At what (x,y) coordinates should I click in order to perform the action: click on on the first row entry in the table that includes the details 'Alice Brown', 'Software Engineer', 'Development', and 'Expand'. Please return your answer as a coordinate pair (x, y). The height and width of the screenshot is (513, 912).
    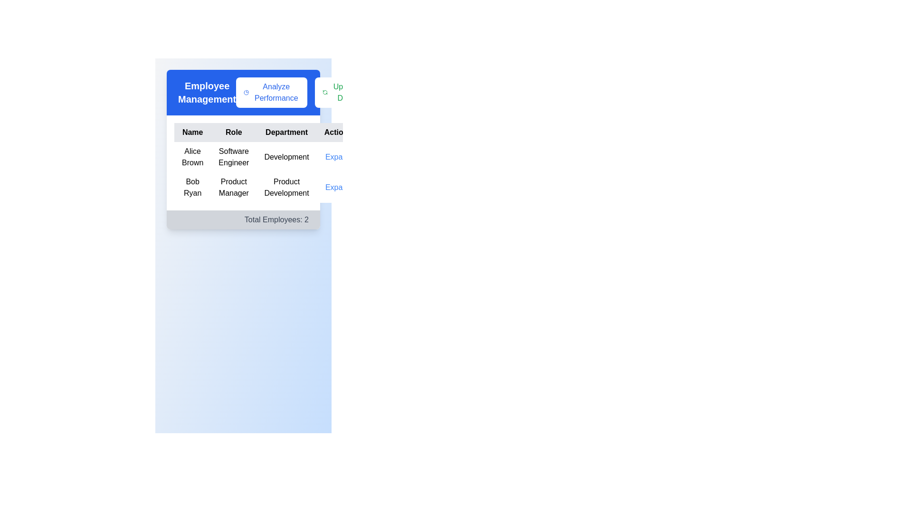
    Looking at the image, I should click on (266, 157).